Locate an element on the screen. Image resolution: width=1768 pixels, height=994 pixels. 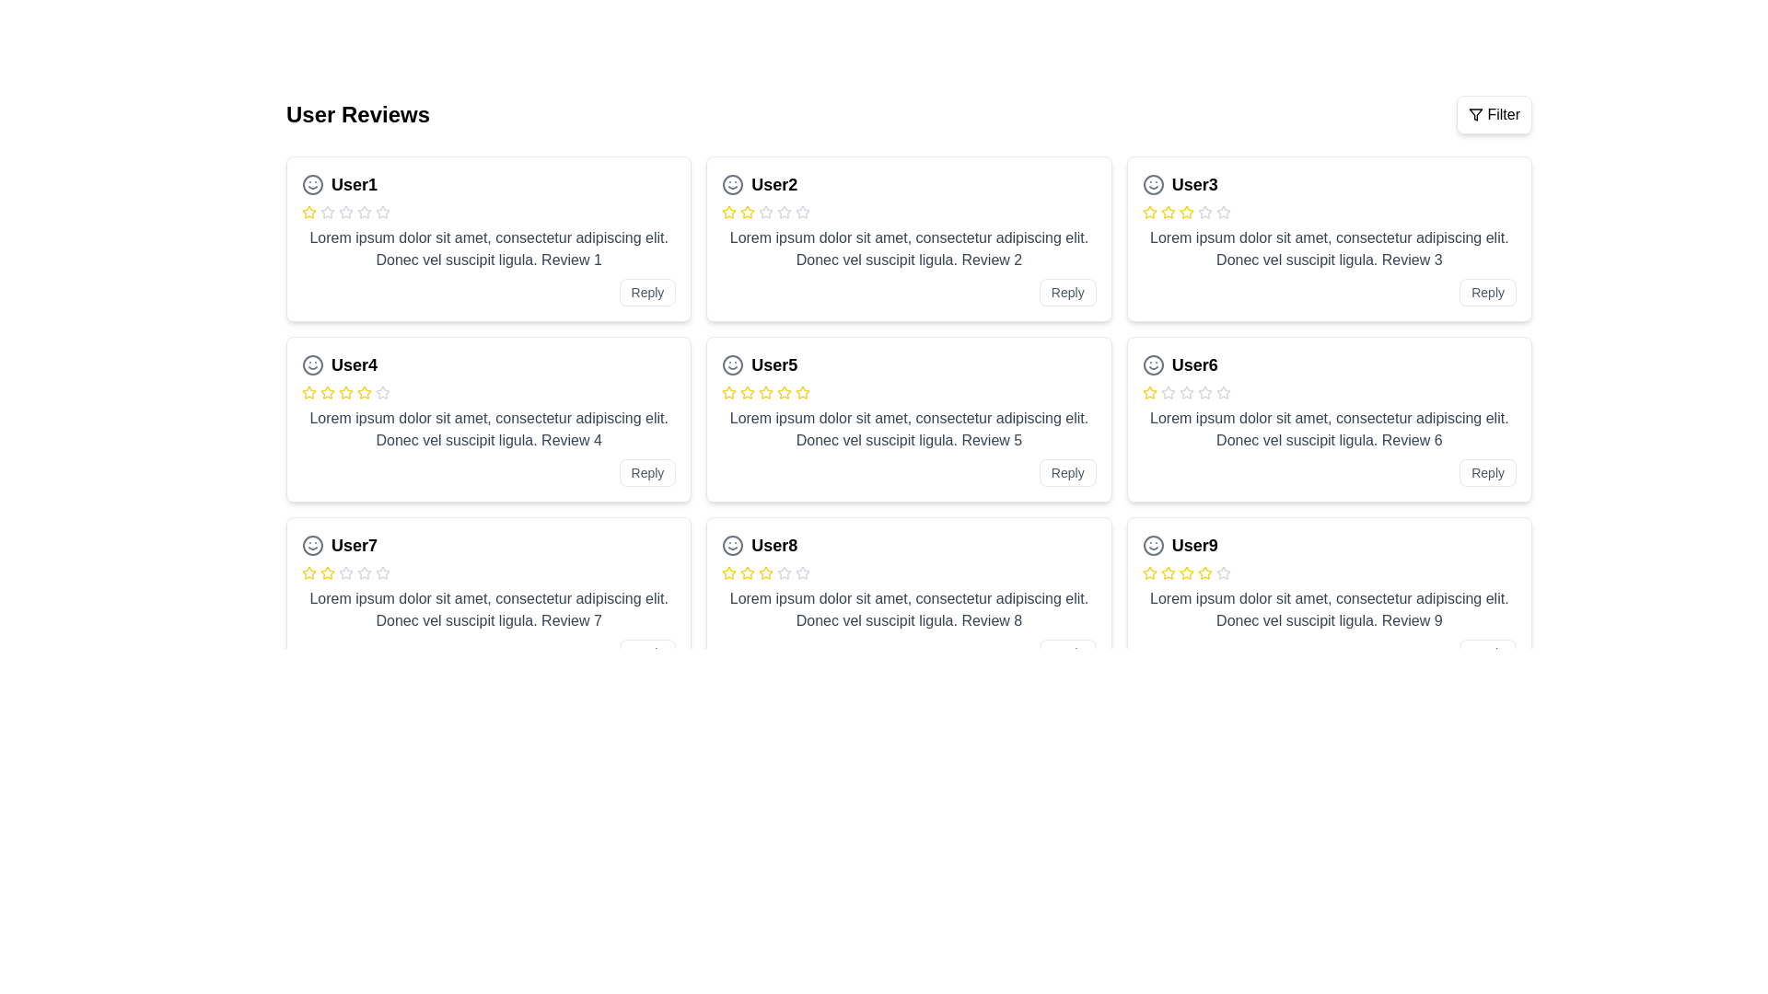
the Text block element displaying the user review that reads: 'Lorem ipsum dolor sit amet, consectetur adipiscing elit. Donec vel suscipit ligula. Review 5', which is centered within its card is located at coordinates (909, 429).